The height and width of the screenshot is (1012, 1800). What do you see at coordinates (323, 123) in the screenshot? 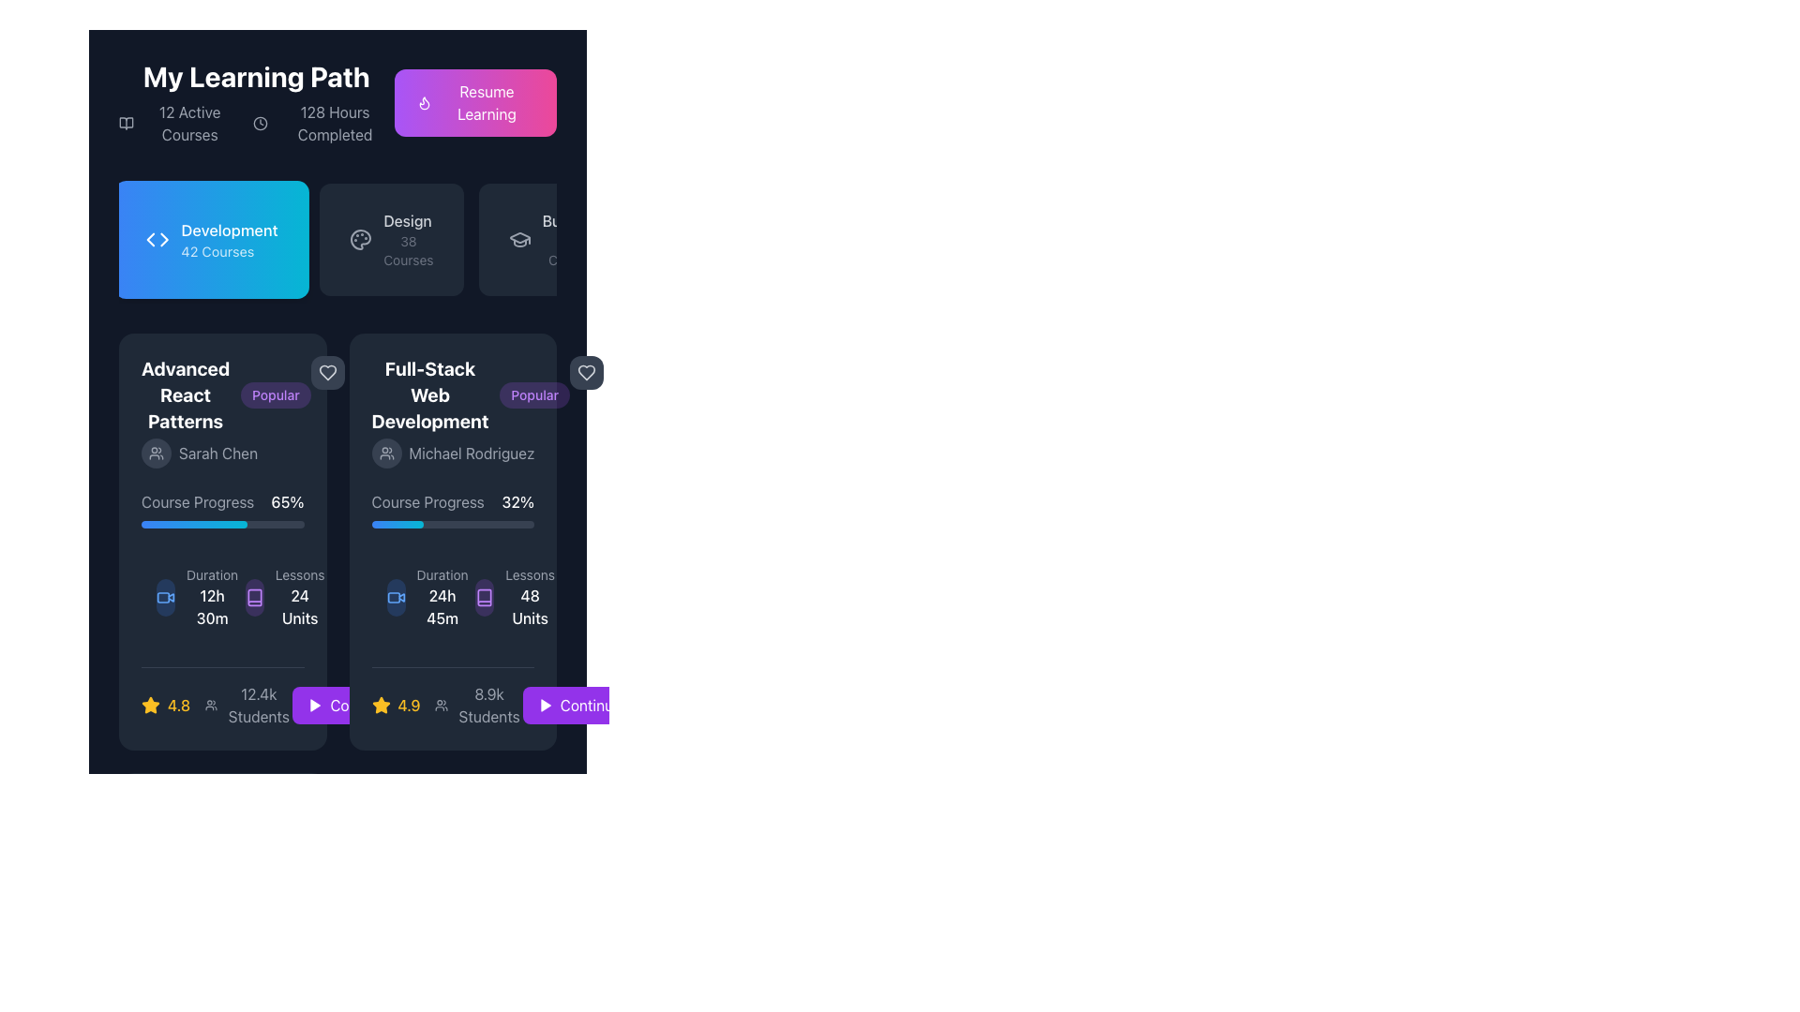
I see `the informational display that summarizes the total hours completed by the user, located in the upper-left corner of the interface, directly to the right of the '12 Active Courses' text` at bounding box center [323, 123].